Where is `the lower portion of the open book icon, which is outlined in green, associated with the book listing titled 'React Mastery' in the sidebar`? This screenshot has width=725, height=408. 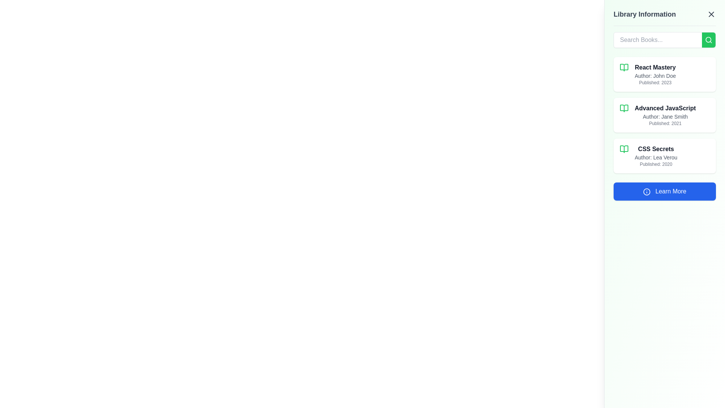
the lower portion of the open book icon, which is outlined in green, associated with the book listing titled 'React Mastery' in the sidebar is located at coordinates (624, 67).